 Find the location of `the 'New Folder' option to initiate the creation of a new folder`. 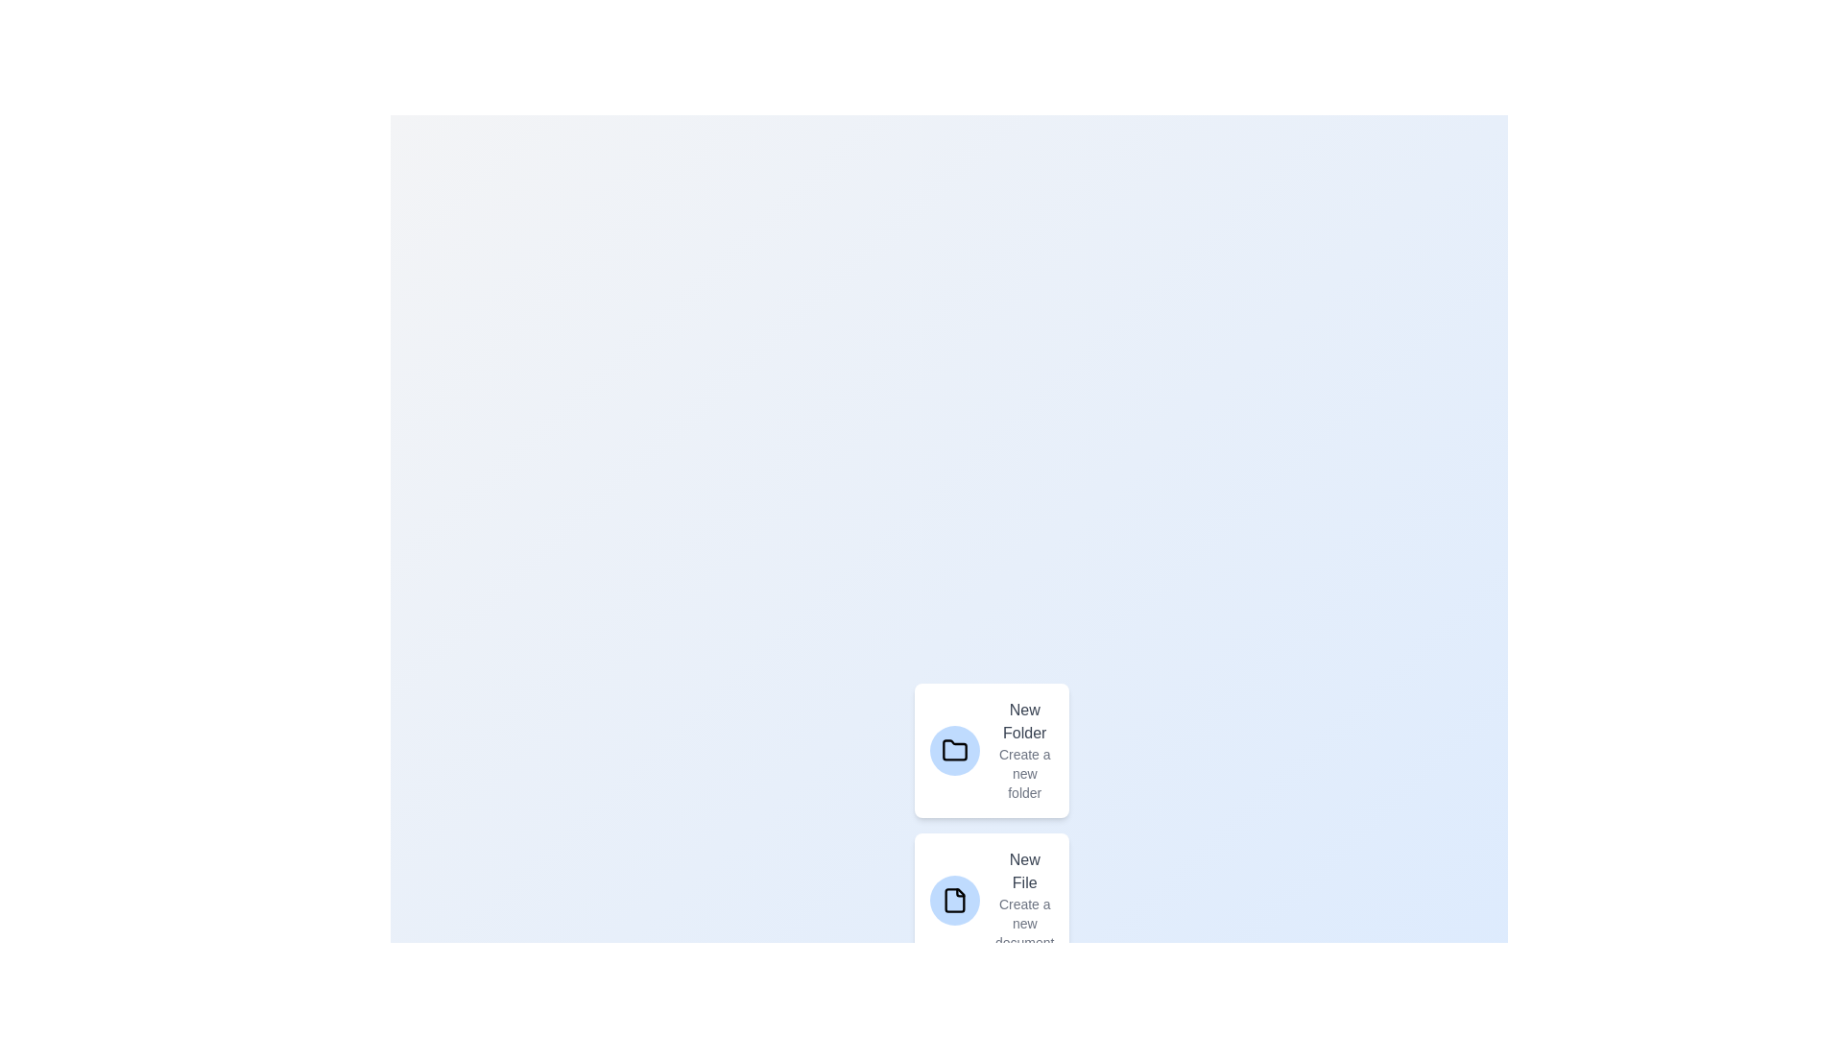

the 'New Folder' option to initiate the creation of a new folder is located at coordinates (991, 750).